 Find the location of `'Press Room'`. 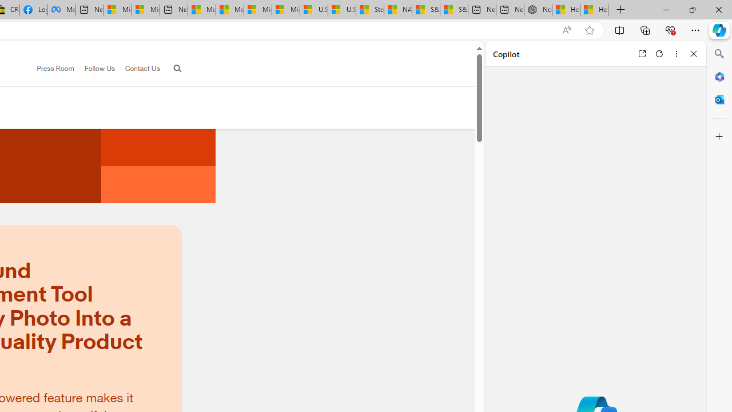

'Press Room' is located at coordinates (55, 68).